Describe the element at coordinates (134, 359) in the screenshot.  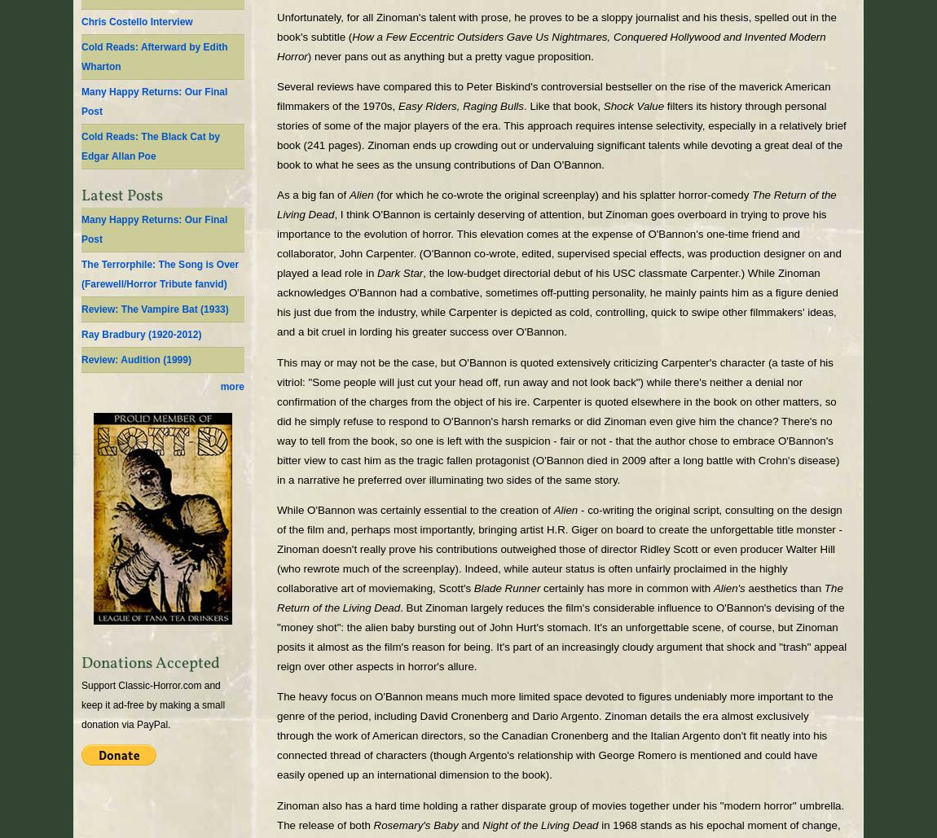
I see `'Review: Audition (1999)'` at that location.